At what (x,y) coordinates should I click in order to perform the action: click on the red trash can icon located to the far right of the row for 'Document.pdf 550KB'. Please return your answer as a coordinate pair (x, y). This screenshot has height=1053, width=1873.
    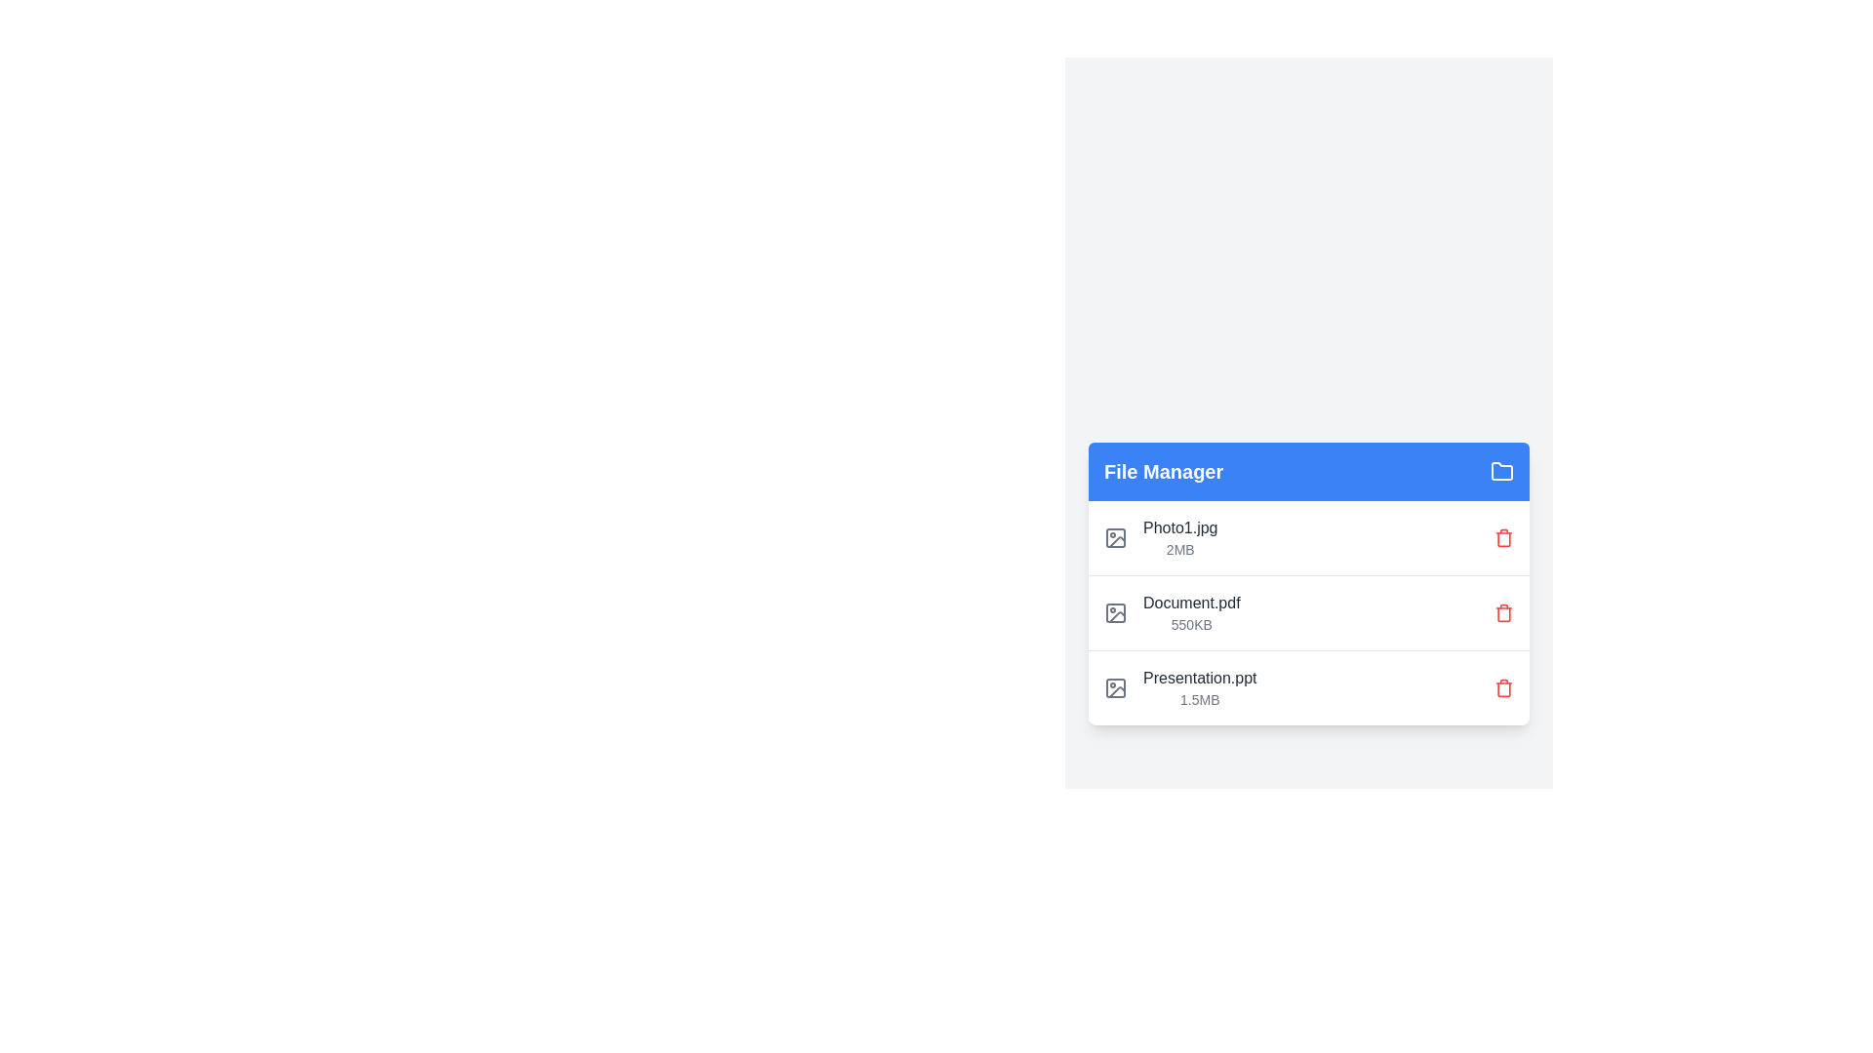
    Looking at the image, I should click on (1502, 611).